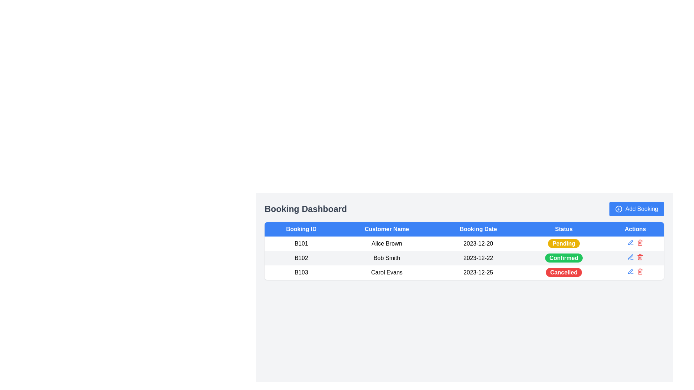 The image size is (694, 390). What do you see at coordinates (564, 257) in the screenshot?
I see `the Status indicator label in the 'Status' column of the second row in the 'Booking Dashboard' table, which indicates that the booking for 'Bob Smith' has been confirmed` at bounding box center [564, 257].